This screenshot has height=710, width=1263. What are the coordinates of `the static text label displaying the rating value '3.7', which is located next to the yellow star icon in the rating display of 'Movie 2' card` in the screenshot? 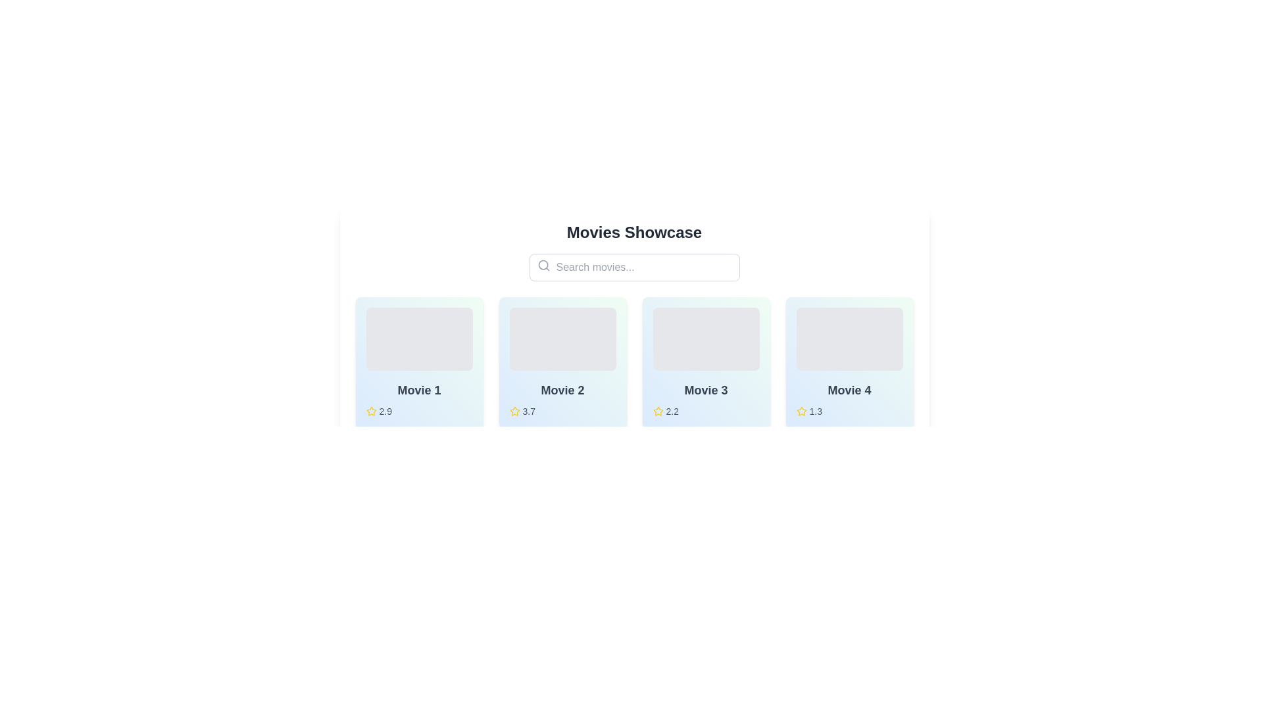 It's located at (529, 410).